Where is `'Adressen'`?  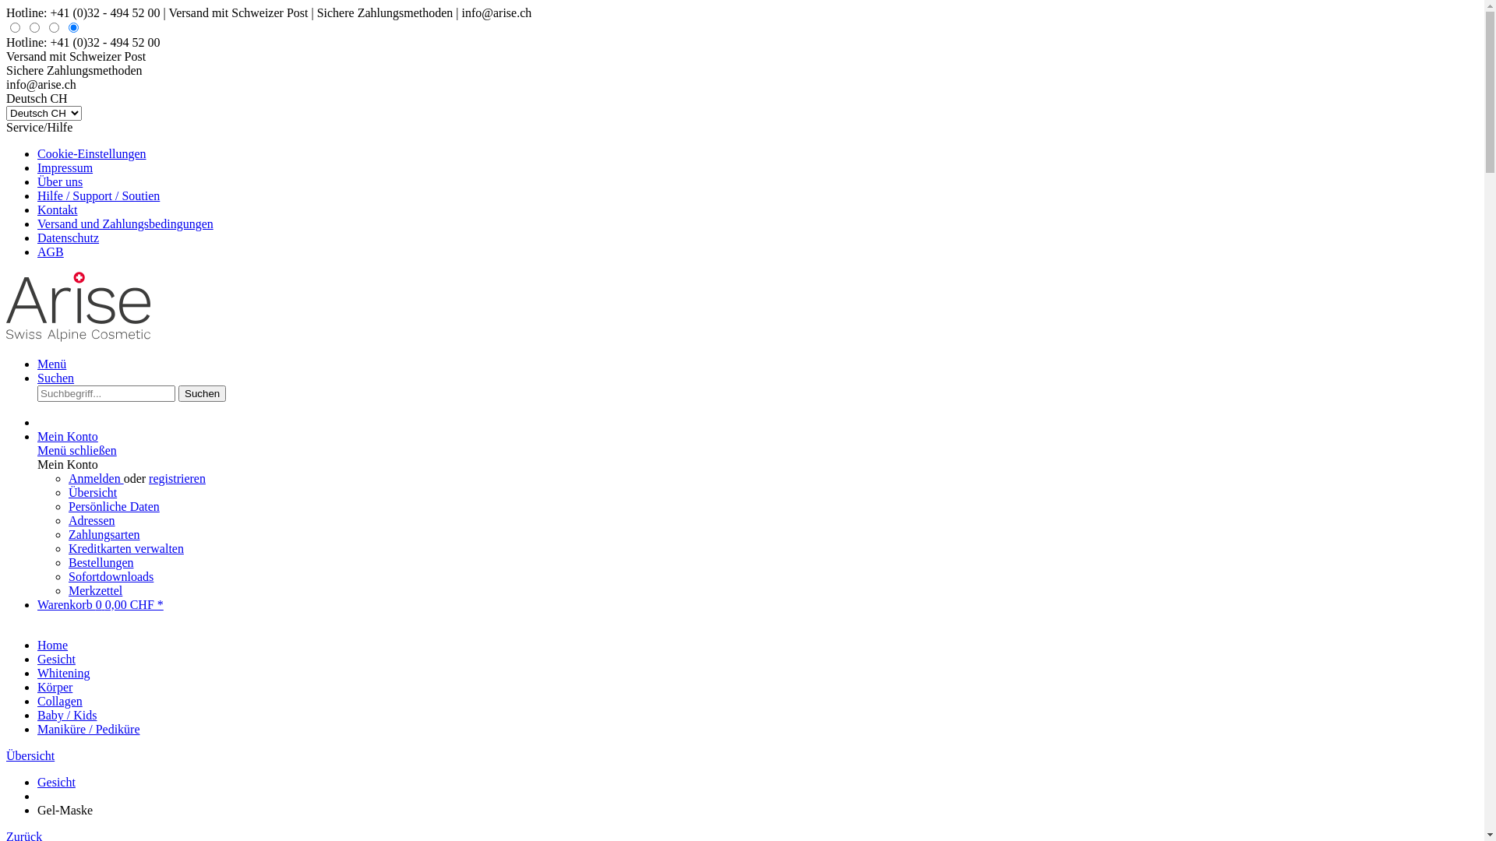 'Adressen' is located at coordinates (67, 520).